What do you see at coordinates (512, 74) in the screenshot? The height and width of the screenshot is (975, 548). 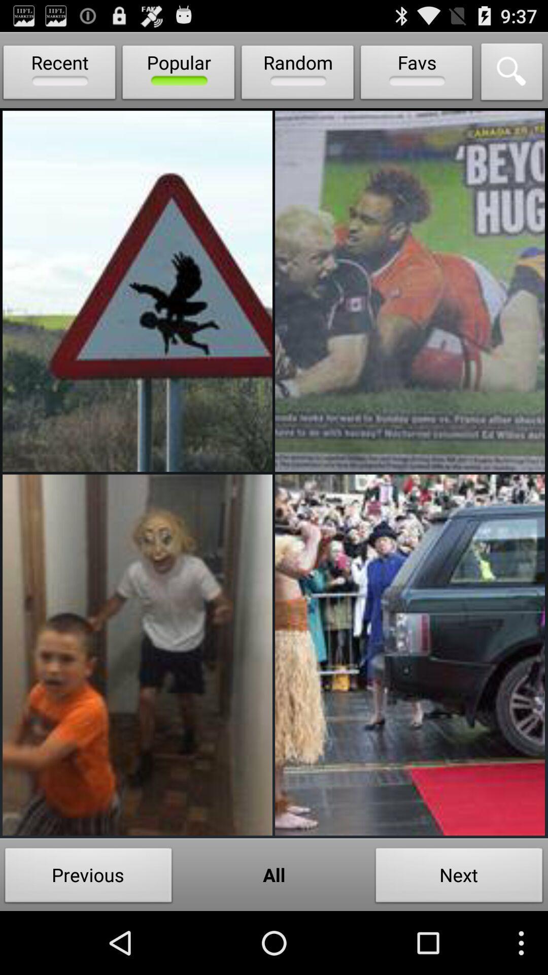 I see `research terms` at bounding box center [512, 74].